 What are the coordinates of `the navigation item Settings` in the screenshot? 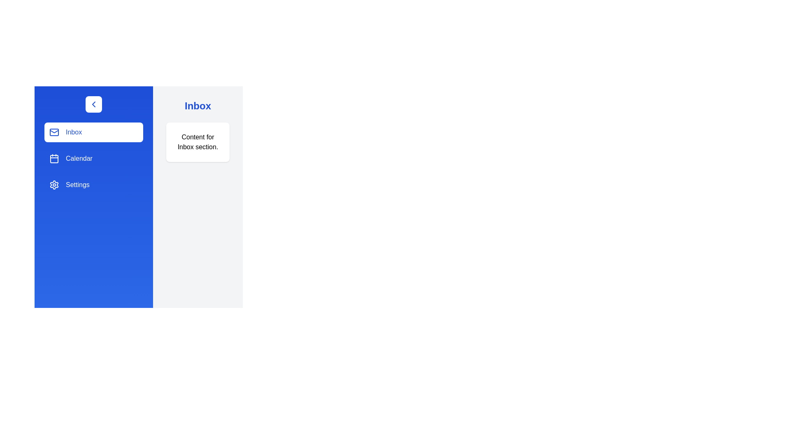 It's located at (93, 185).